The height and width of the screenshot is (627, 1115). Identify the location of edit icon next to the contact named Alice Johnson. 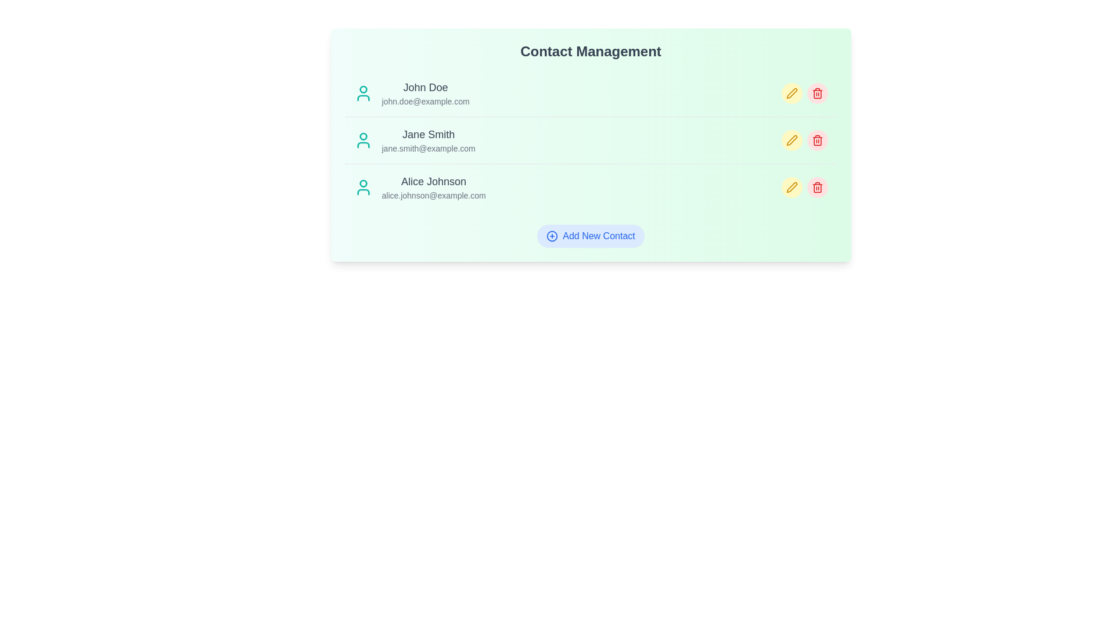
(791, 187).